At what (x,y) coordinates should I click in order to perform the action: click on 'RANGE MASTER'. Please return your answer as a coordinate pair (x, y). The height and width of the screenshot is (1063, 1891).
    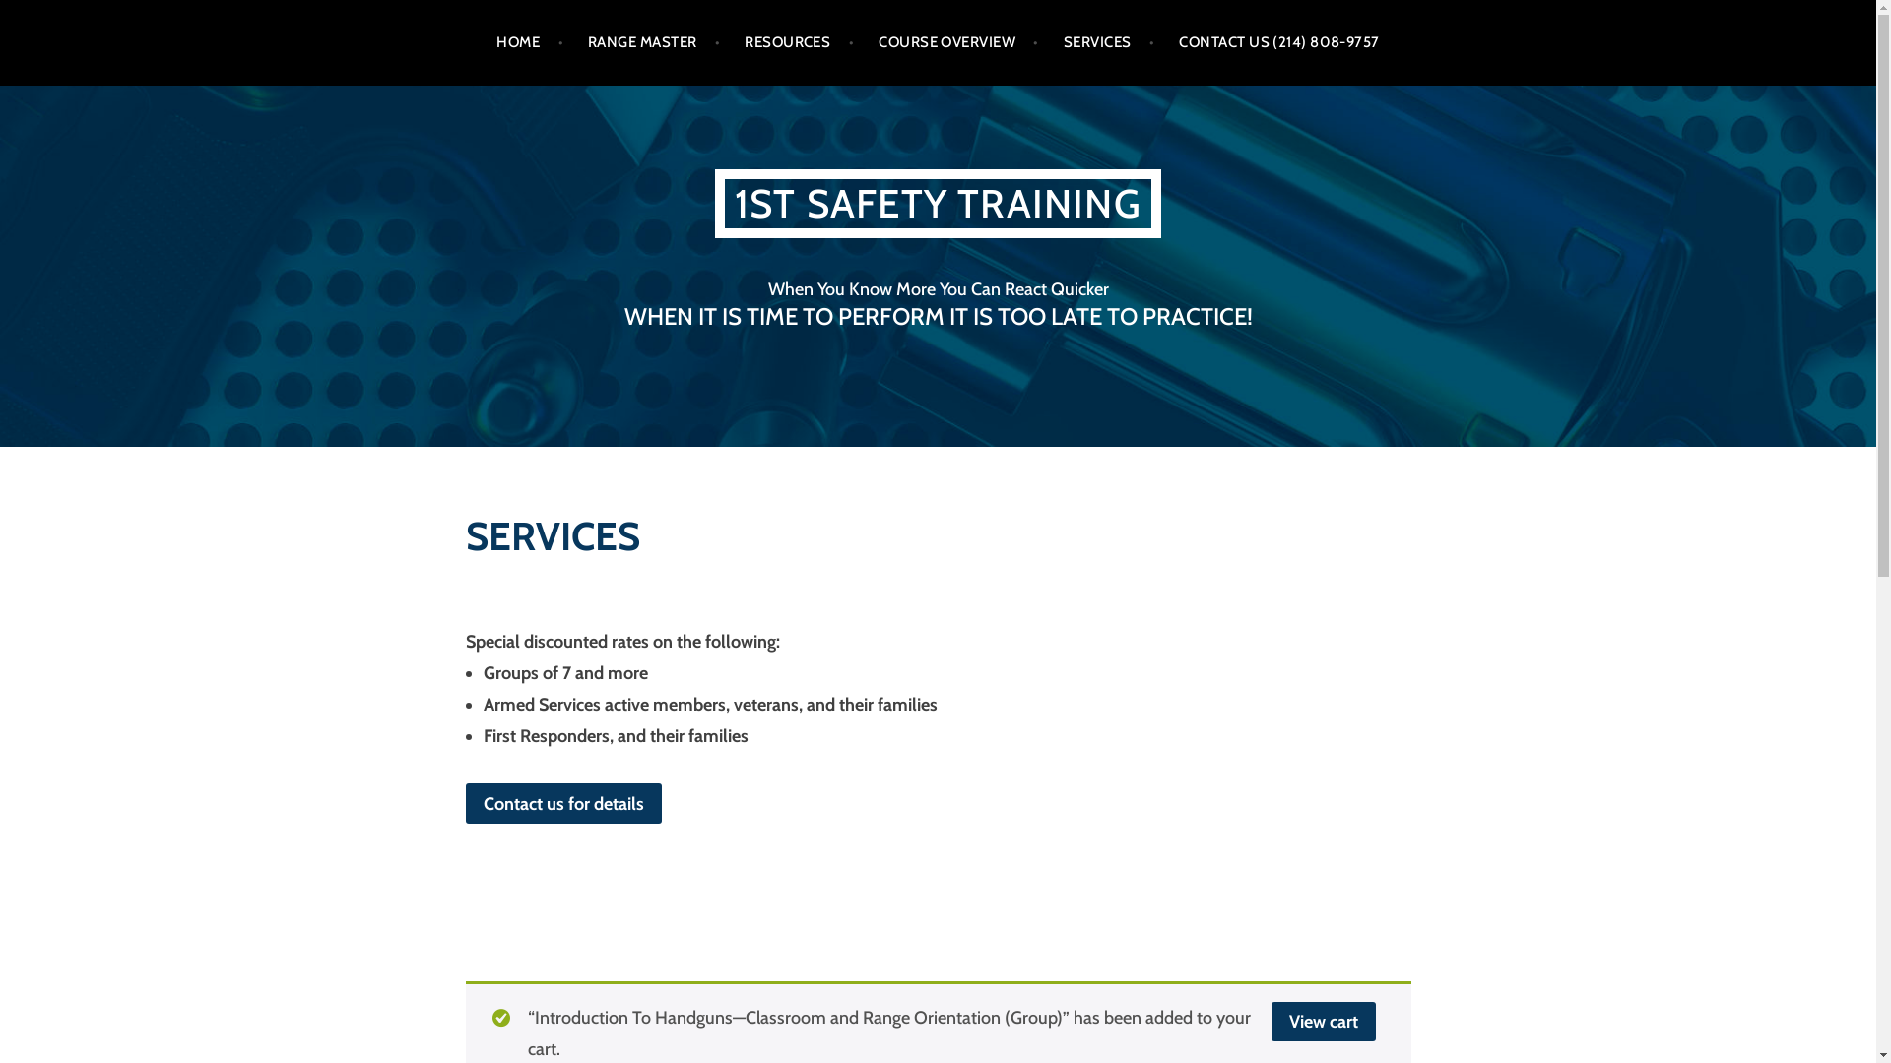
    Looking at the image, I should click on (653, 42).